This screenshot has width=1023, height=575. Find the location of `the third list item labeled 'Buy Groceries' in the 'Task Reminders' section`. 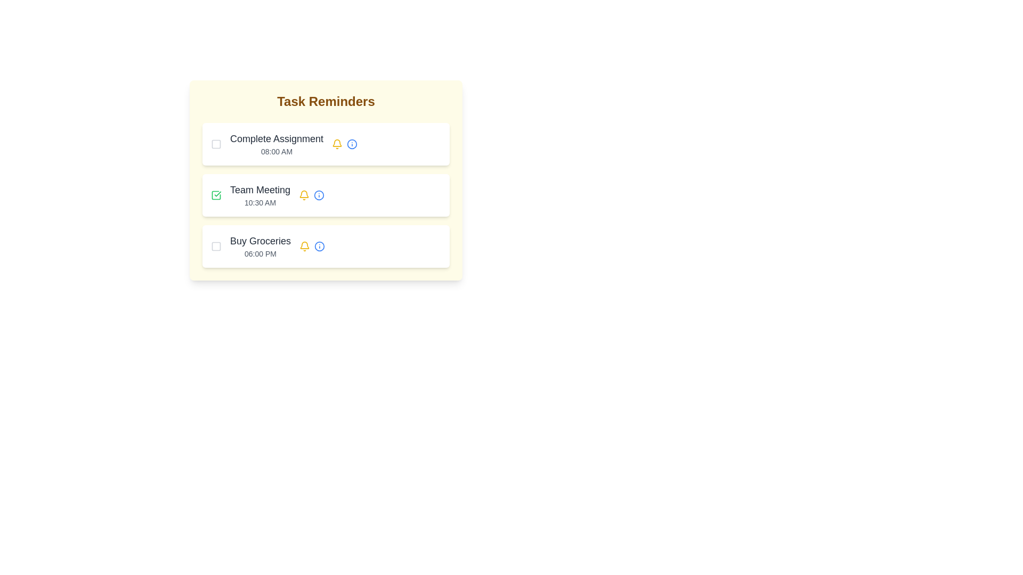

the third list item labeled 'Buy Groceries' in the 'Task Reminders' section is located at coordinates (325, 246).